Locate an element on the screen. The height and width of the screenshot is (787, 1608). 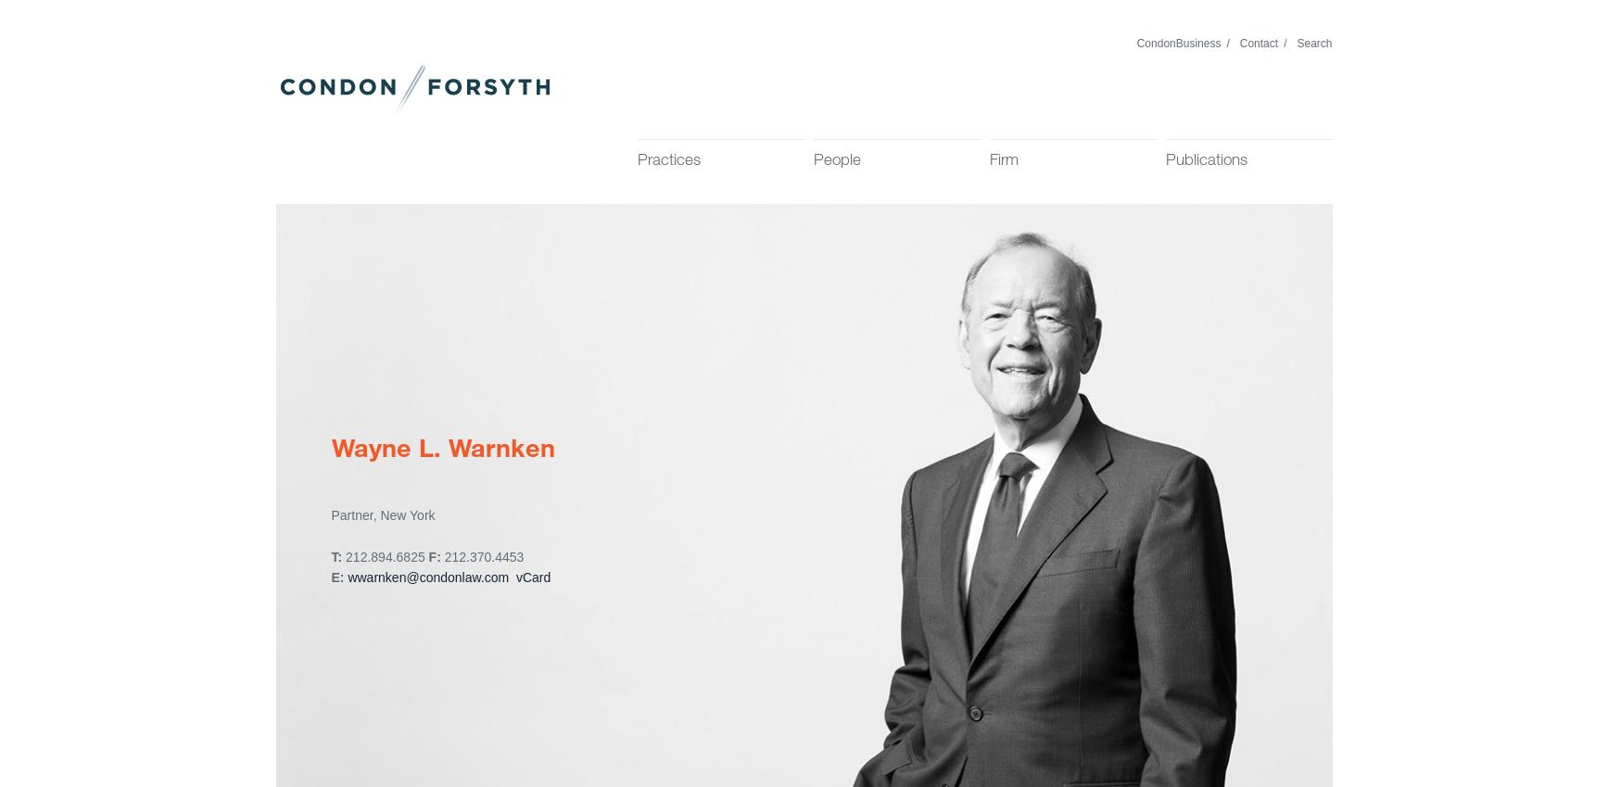
'Practices' is located at coordinates (668, 159).